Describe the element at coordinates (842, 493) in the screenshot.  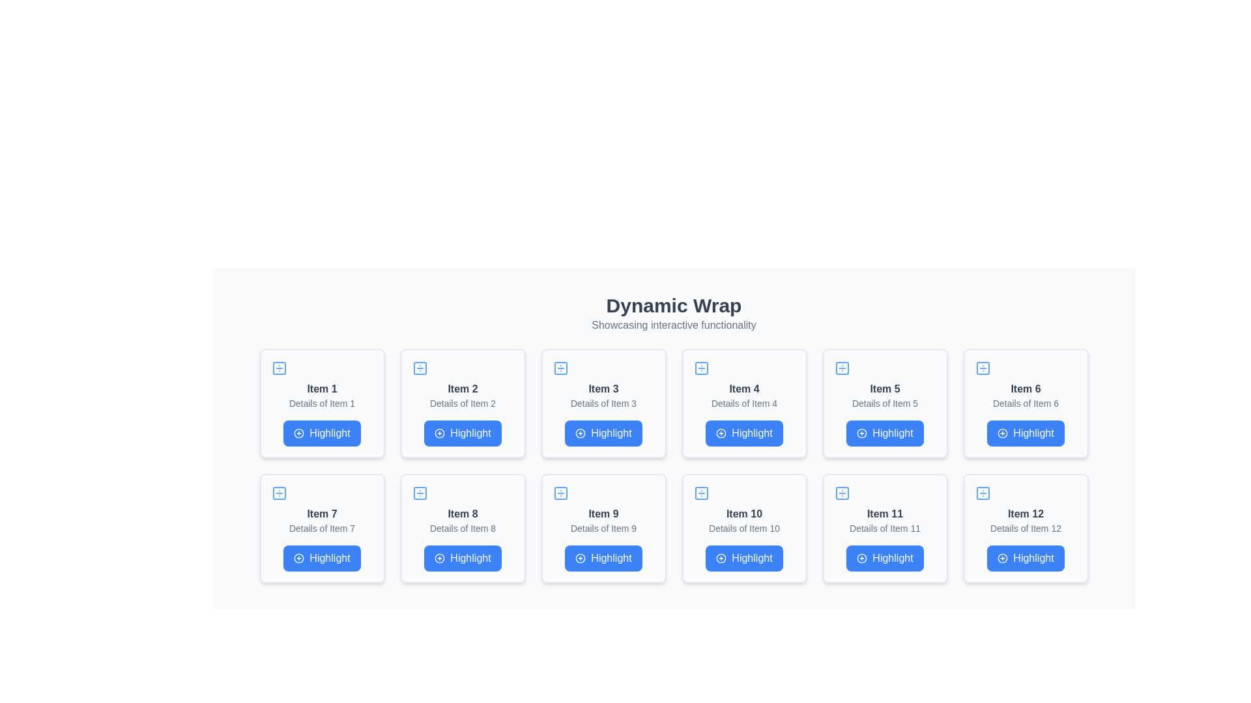
I see `the decorative SVG rectangle located in the top-left corner of 'Item 11' in a 4x3 grid layout` at that location.